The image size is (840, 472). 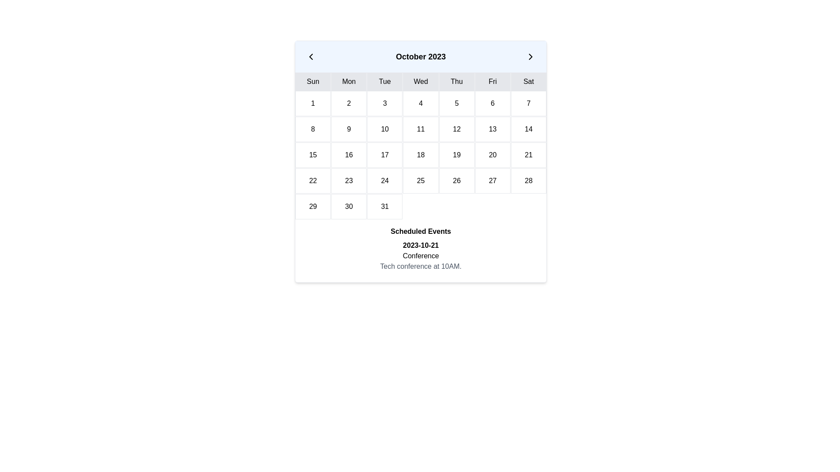 What do you see at coordinates (528, 103) in the screenshot?
I see `the text box displaying the number '7' located at the far-right side of the first row in the calendar layout` at bounding box center [528, 103].